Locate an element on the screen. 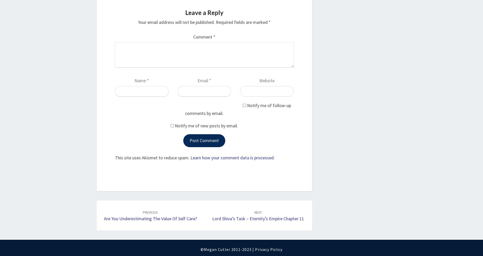 Image resolution: width=483 pixels, height=256 pixels. 'Website' is located at coordinates (266, 80).